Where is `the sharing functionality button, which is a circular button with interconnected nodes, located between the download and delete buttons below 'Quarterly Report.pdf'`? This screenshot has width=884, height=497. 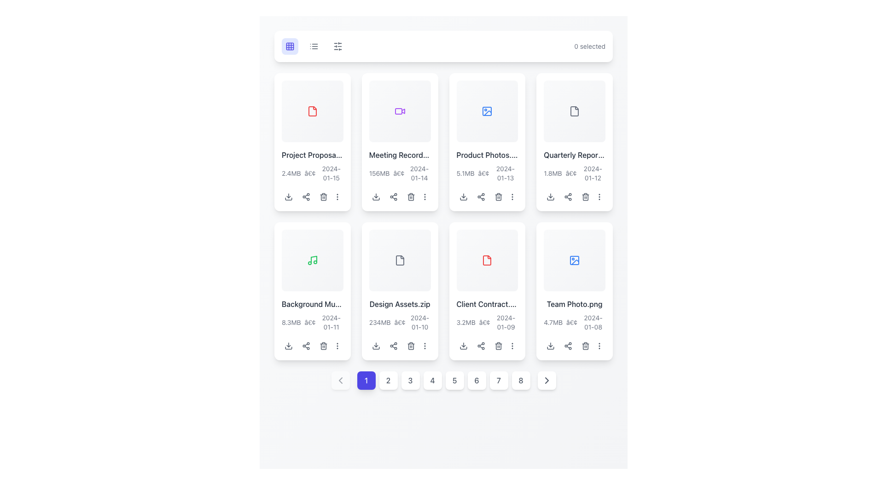 the sharing functionality button, which is a circular button with interconnected nodes, located between the download and delete buttons below 'Quarterly Report.pdf' is located at coordinates (568, 196).